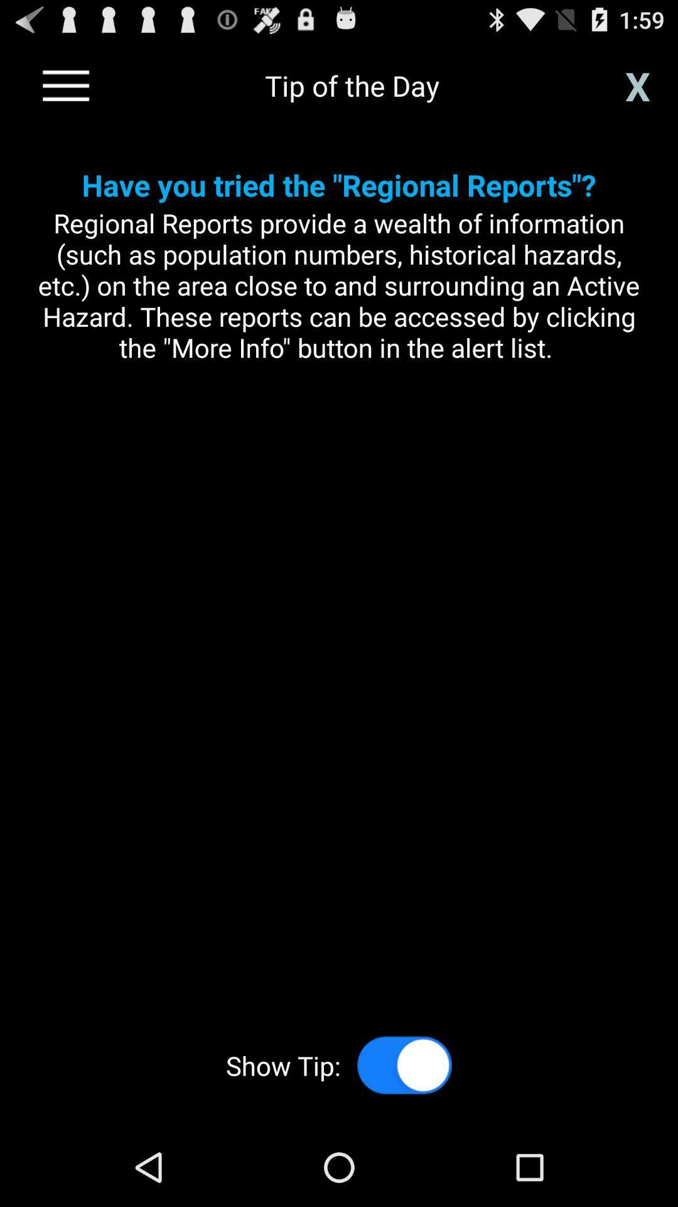 The image size is (678, 1207). What do you see at coordinates (66, 85) in the screenshot?
I see `see the menu` at bounding box center [66, 85].